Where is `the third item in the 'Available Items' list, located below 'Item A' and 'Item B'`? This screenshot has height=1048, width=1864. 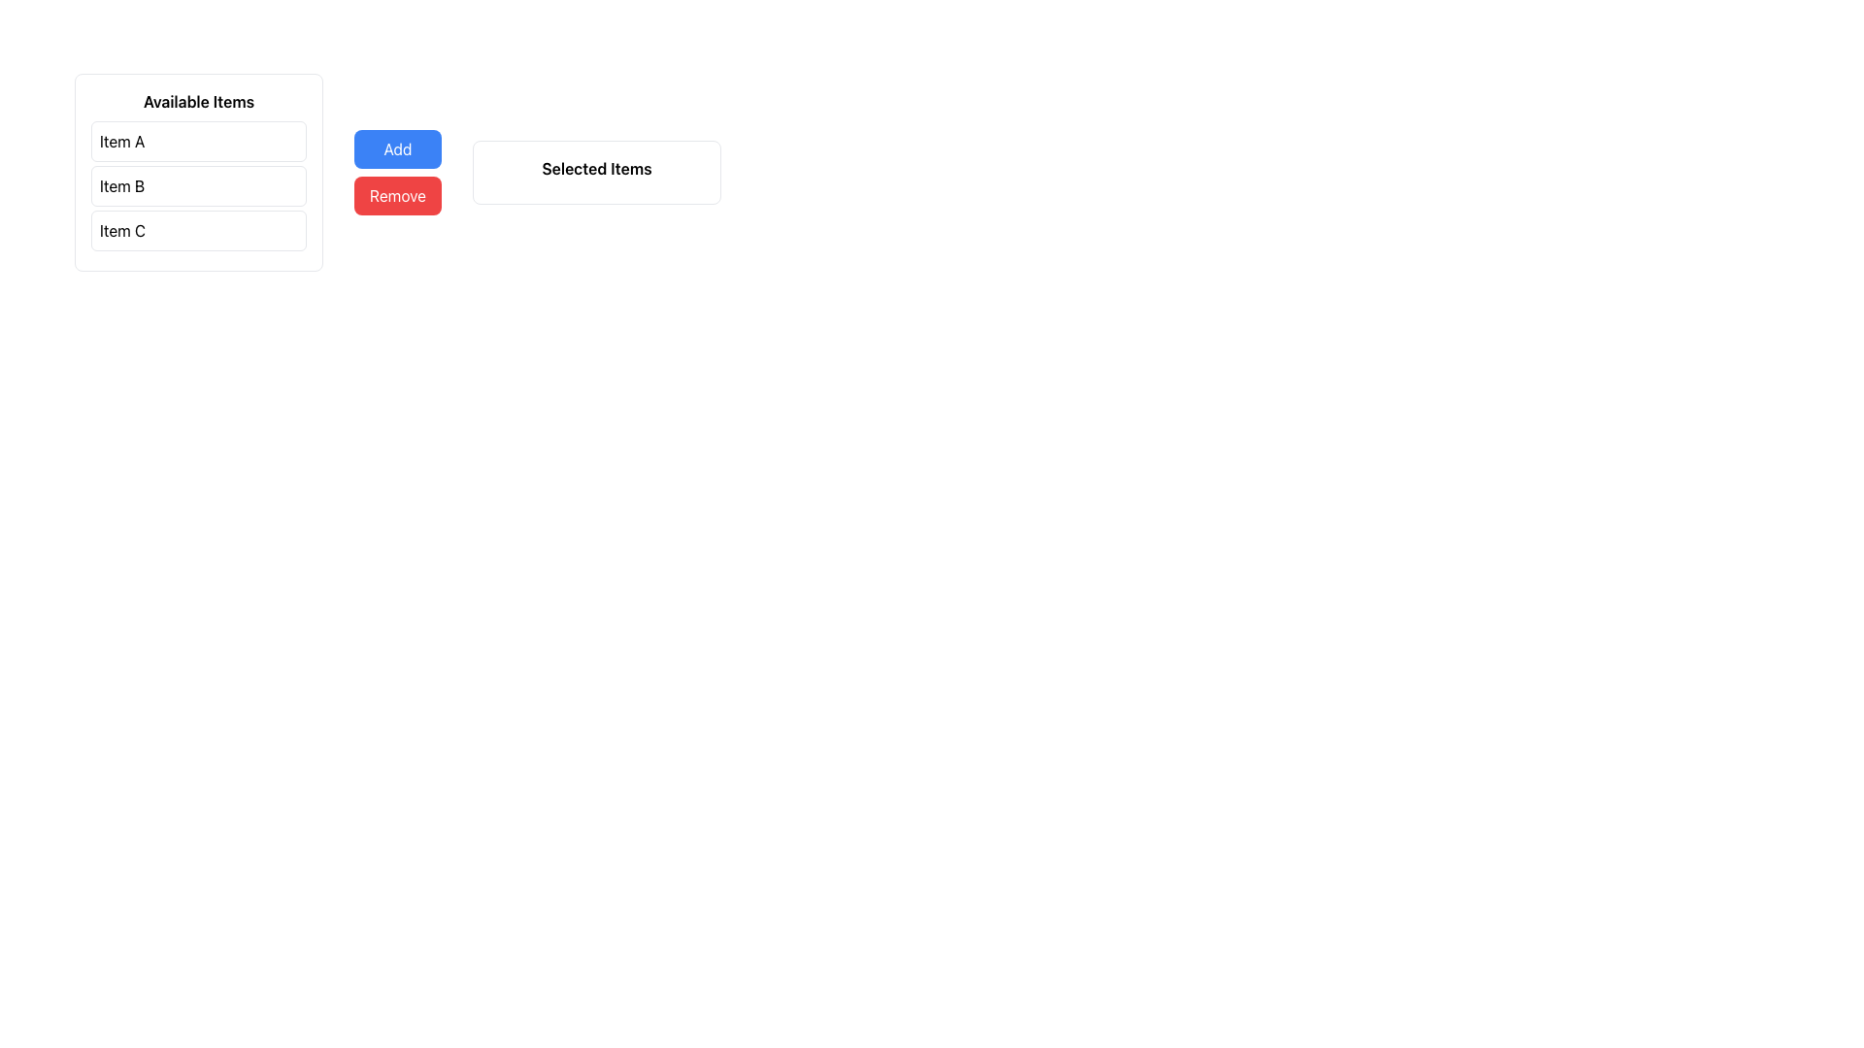
the third item in the 'Available Items' list, located below 'Item A' and 'Item B' is located at coordinates (199, 230).